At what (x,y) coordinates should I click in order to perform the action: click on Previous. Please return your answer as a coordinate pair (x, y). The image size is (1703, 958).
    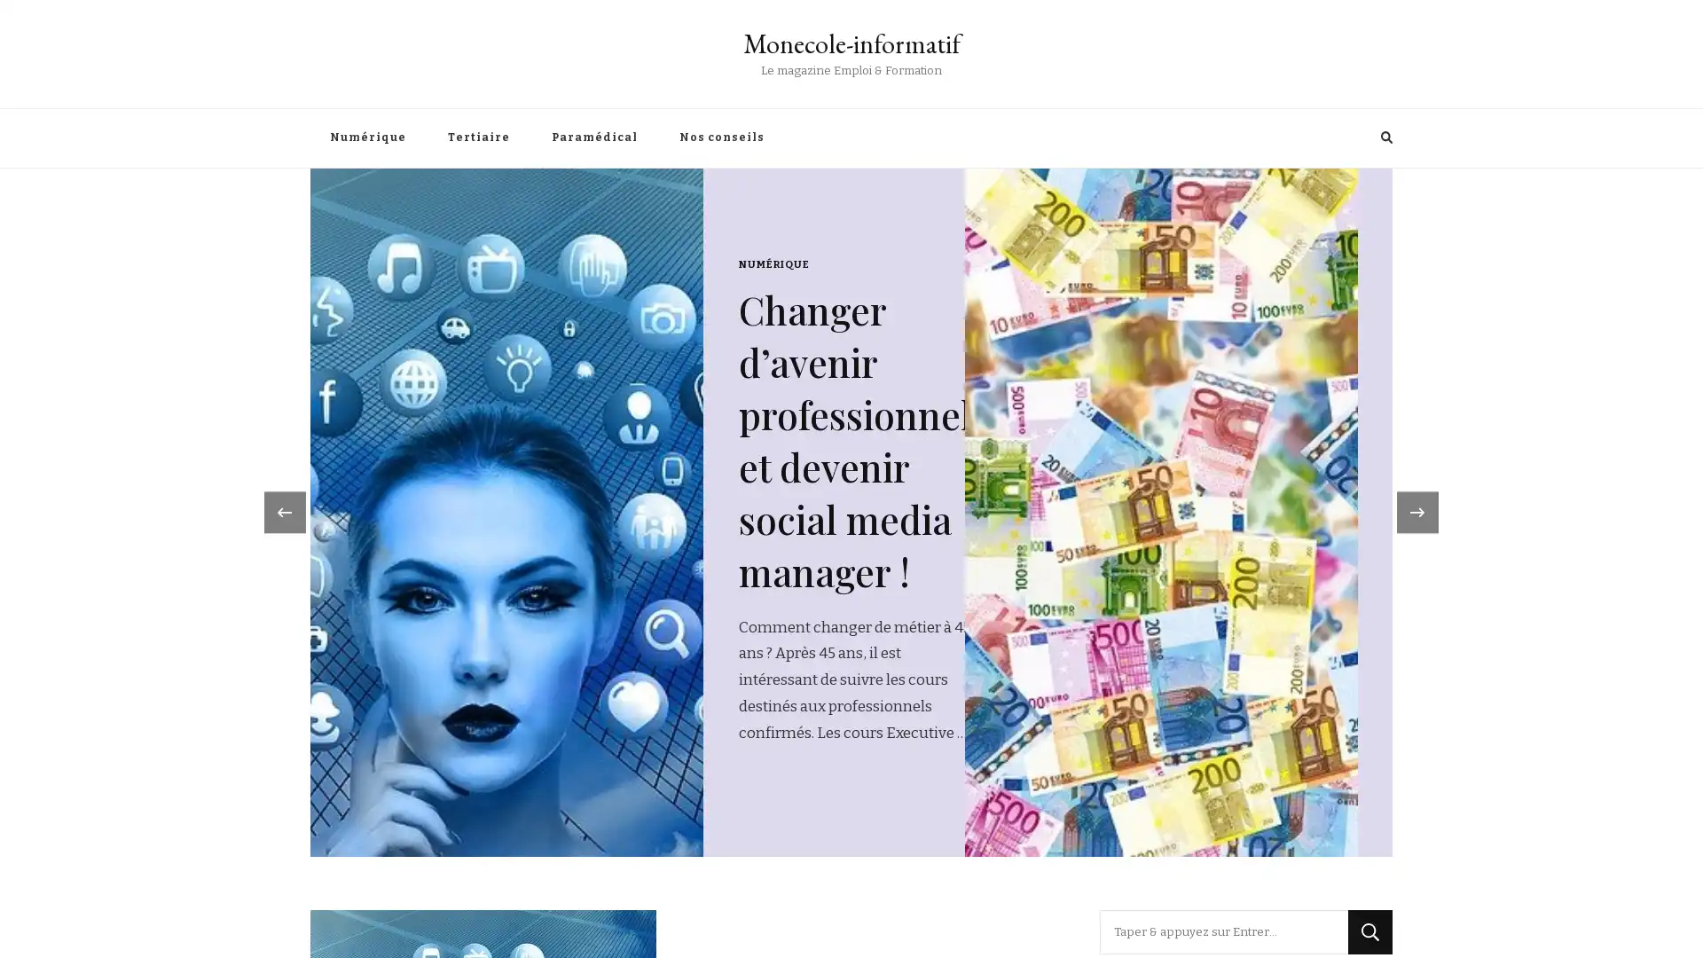
    Looking at the image, I should click on (279, 434).